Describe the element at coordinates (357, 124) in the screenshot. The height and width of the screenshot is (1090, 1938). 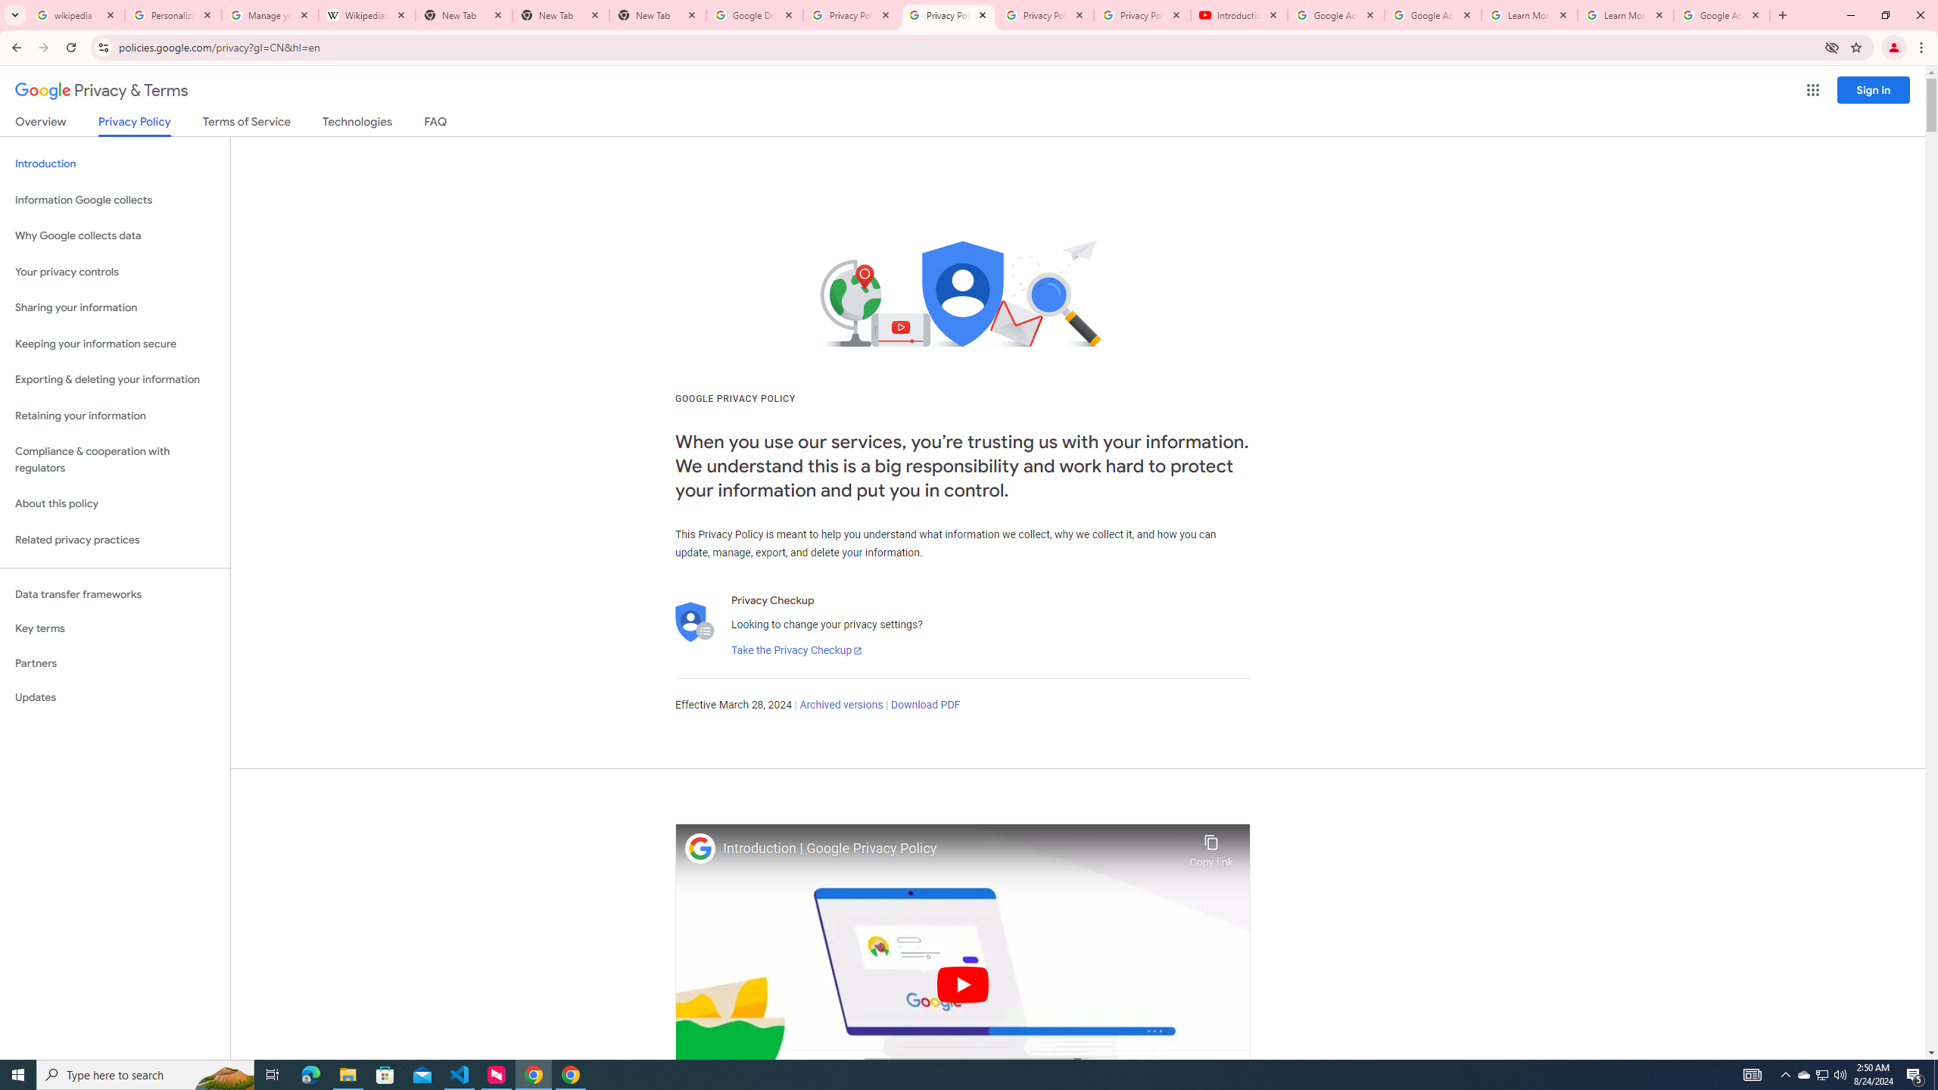
I see `'Technologies'` at that location.